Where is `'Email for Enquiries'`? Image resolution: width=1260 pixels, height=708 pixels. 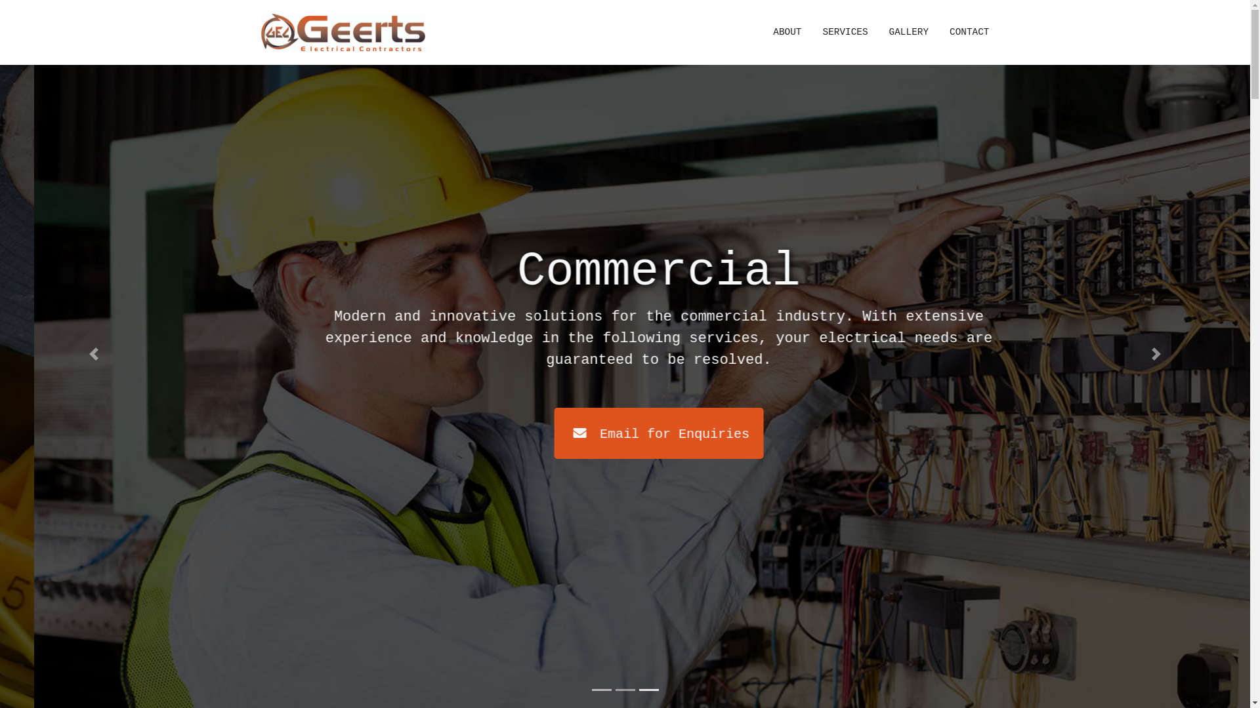
'Email for Enquiries' is located at coordinates (434, 433).